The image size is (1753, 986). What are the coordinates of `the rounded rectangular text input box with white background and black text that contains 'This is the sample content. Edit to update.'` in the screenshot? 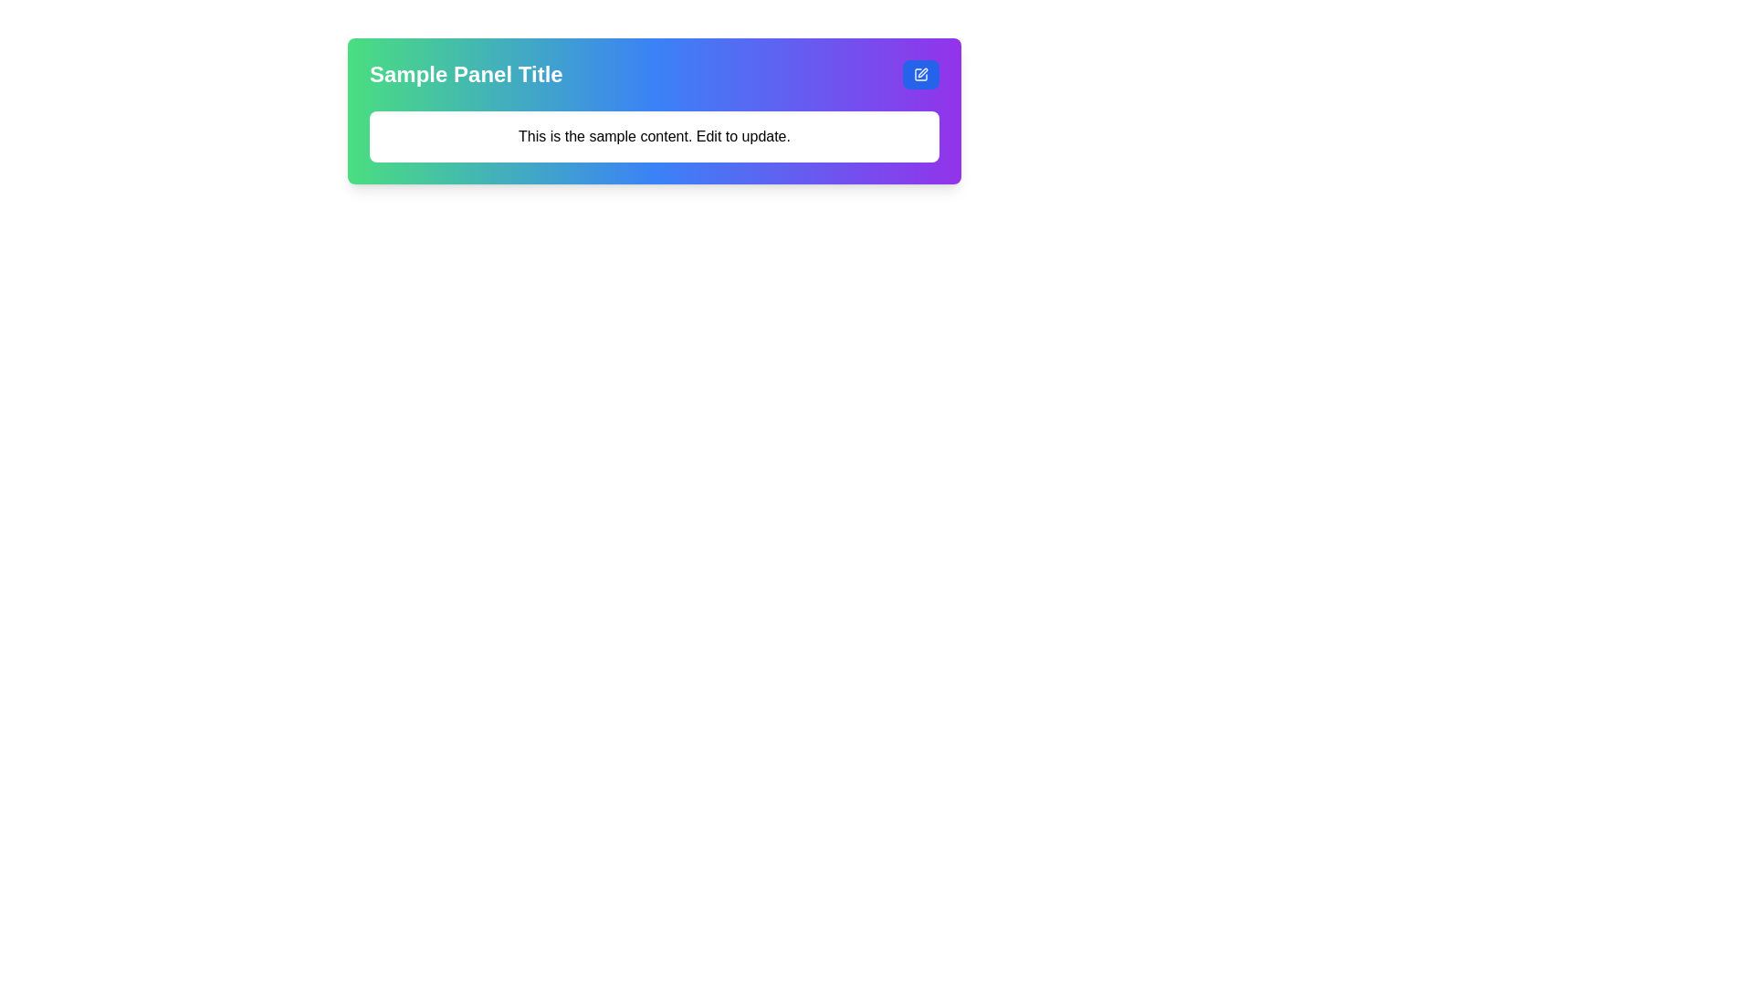 It's located at (654, 136).